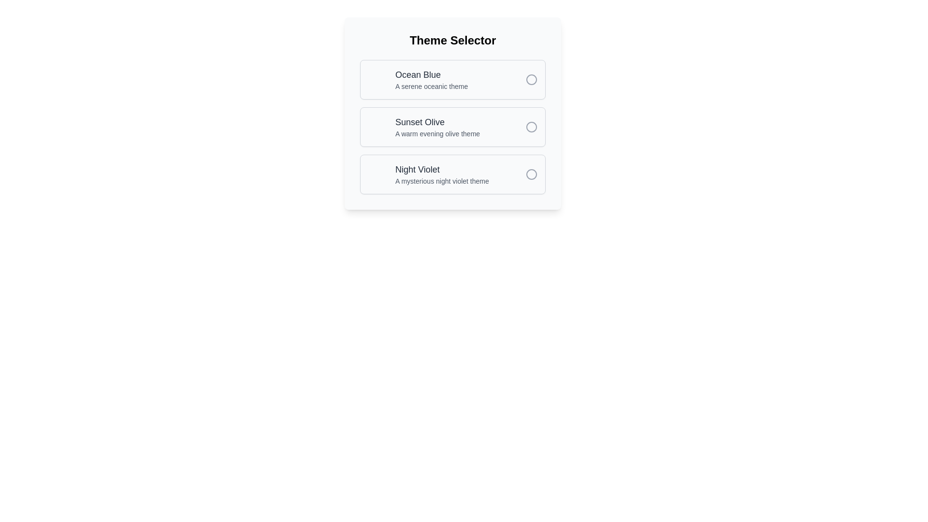 This screenshot has width=928, height=522. What do you see at coordinates (431, 74) in the screenshot?
I see `the static text label 'Ocean Blue' which is displayed in bold, medium-sized dark gray font, positioned at the top of the first selectable theme option in the theme selection area` at bounding box center [431, 74].